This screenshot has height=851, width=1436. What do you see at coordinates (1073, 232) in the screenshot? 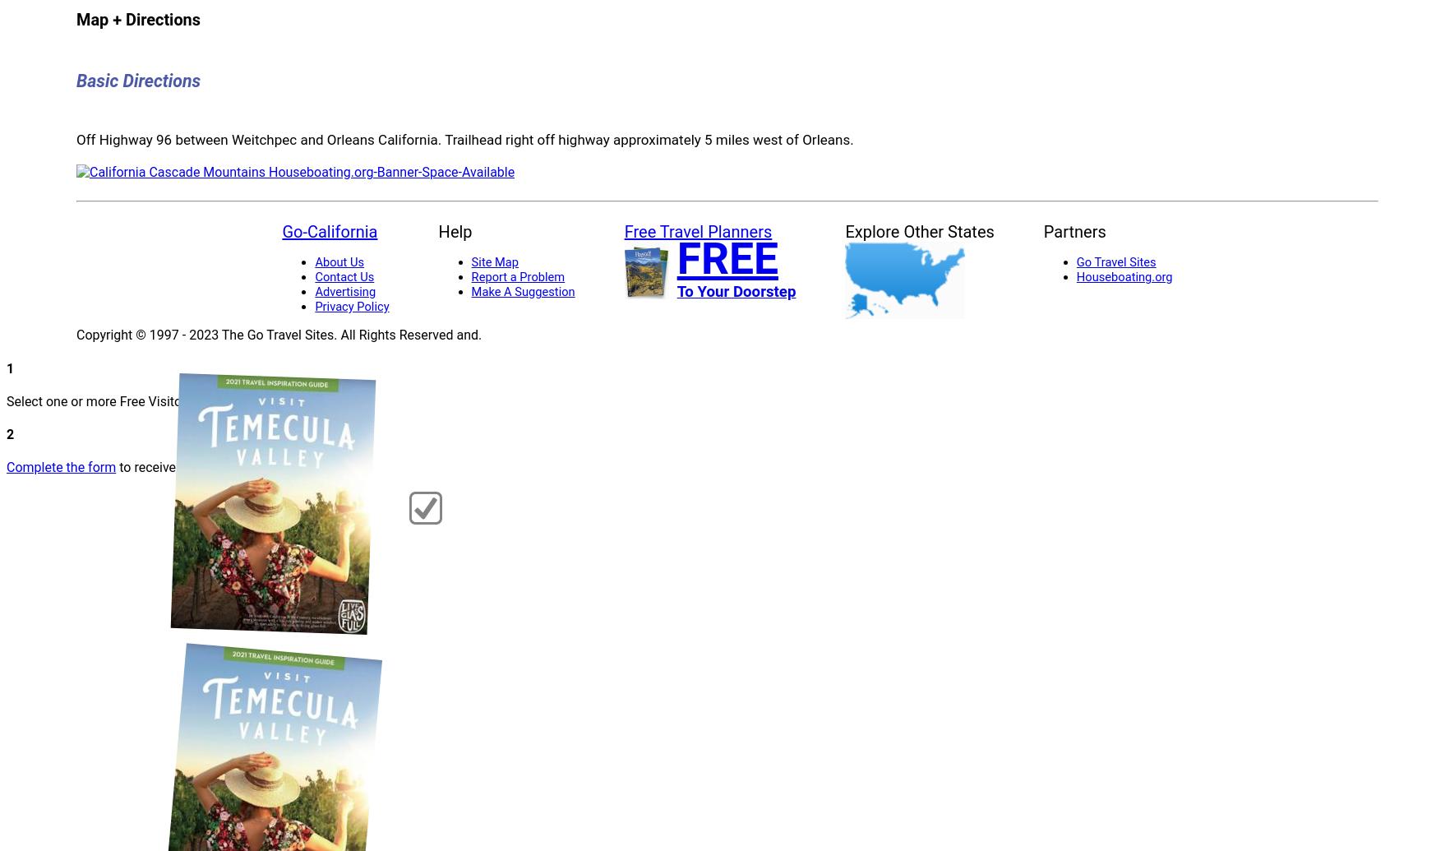
I see `'Partners'` at bounding box center [1073, 232].